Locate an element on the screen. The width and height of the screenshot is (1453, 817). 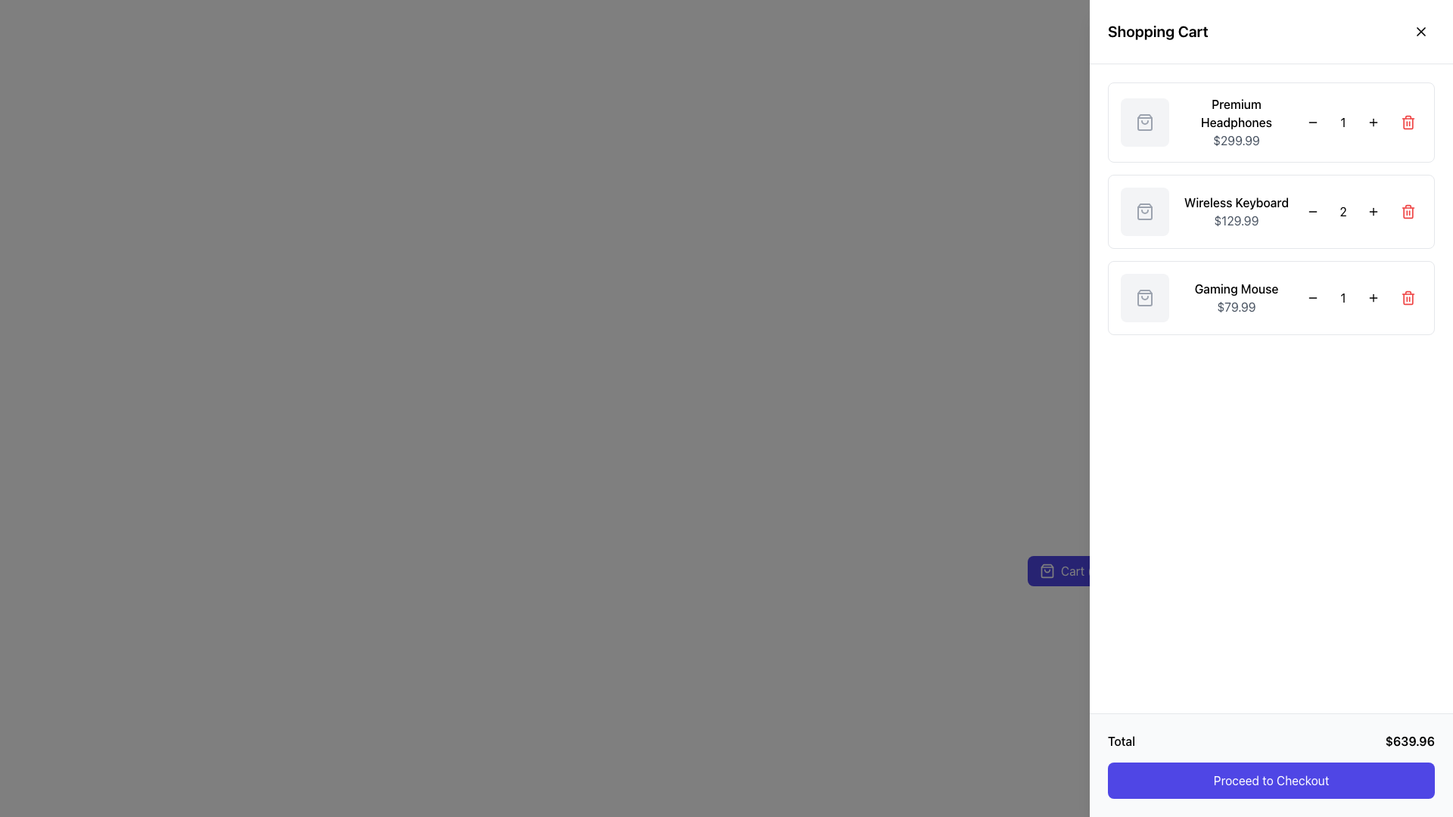
the minus button which is a small horizontal line resembling a minus sign, located between the quantity '2' and the '+' button for the 'Wireless Keyboard' item in the shopping cart is located at coordinates (1311, 122).